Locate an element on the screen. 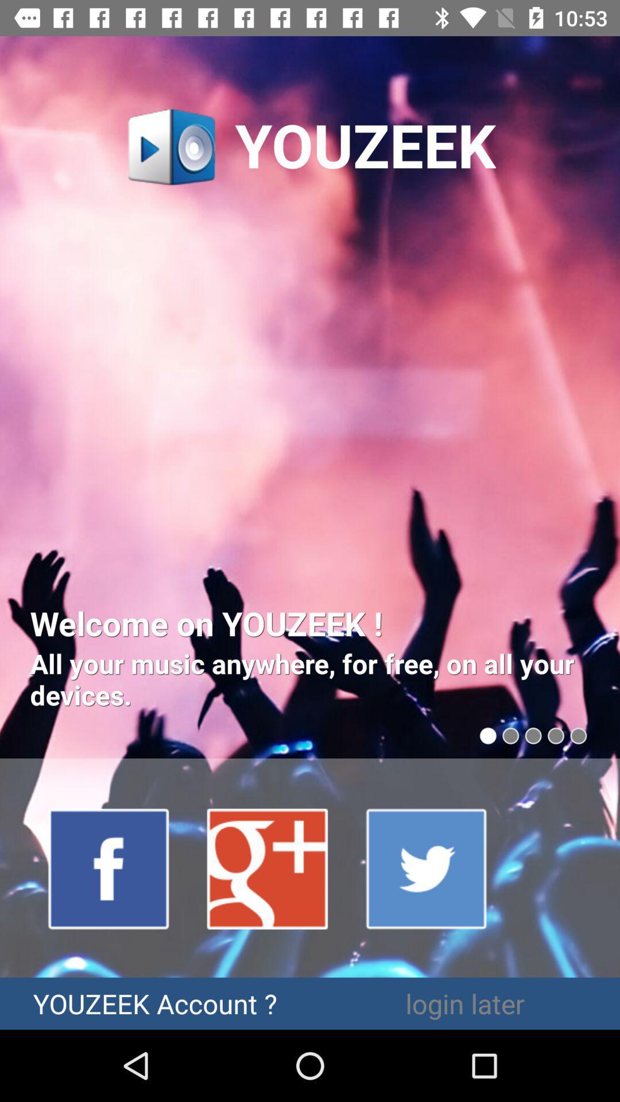 Image resolution: width=620 pixels, height=1102 pixels. login later icon is located at coordinates (465, 1003).